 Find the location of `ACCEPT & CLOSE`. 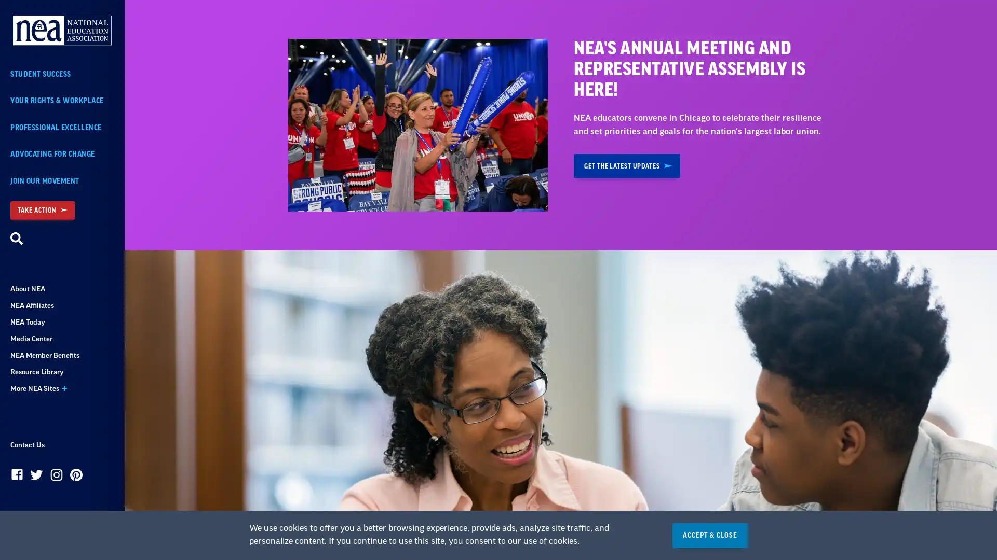

ACCEPT & CLOSE is located at coordinates (709, 535).